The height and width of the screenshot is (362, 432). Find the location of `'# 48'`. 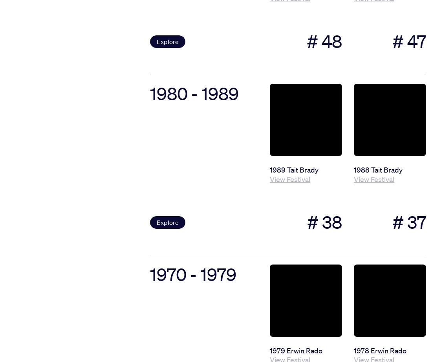

'# 48' is located at coordinates (324, 41).